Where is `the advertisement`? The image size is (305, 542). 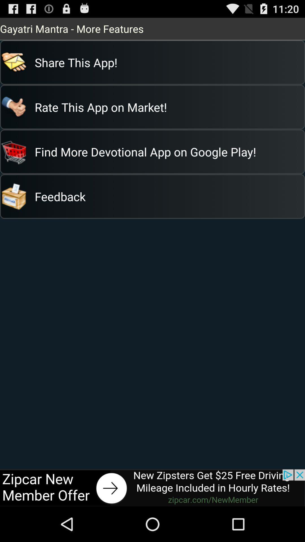
the advertisement is located at coordinates (152, 488).